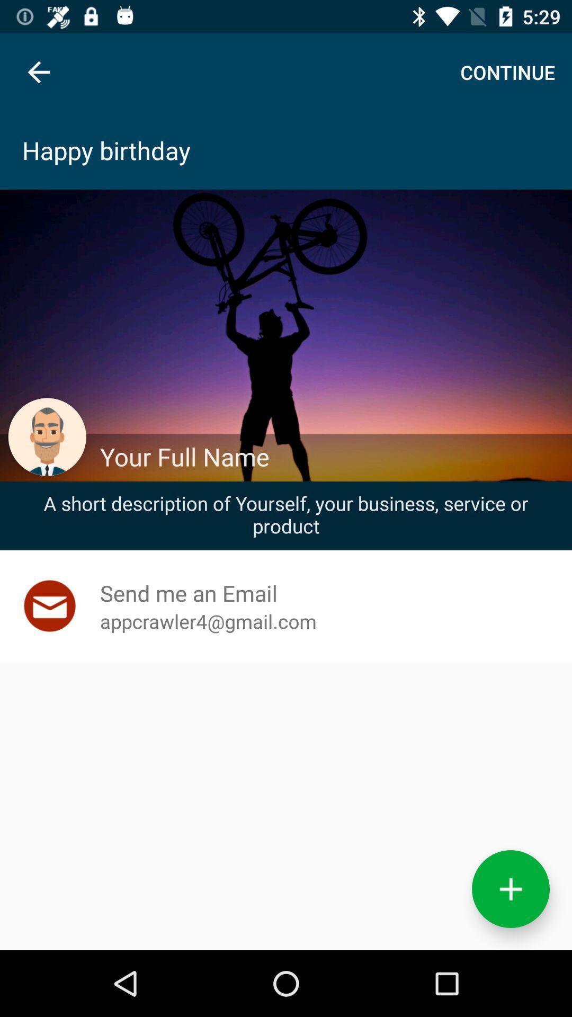 This screenshot has width=572, height=1017. Describe the element at coordinates (38, 72) in the screenshot. I see `icon above the happy birthday` at that location.